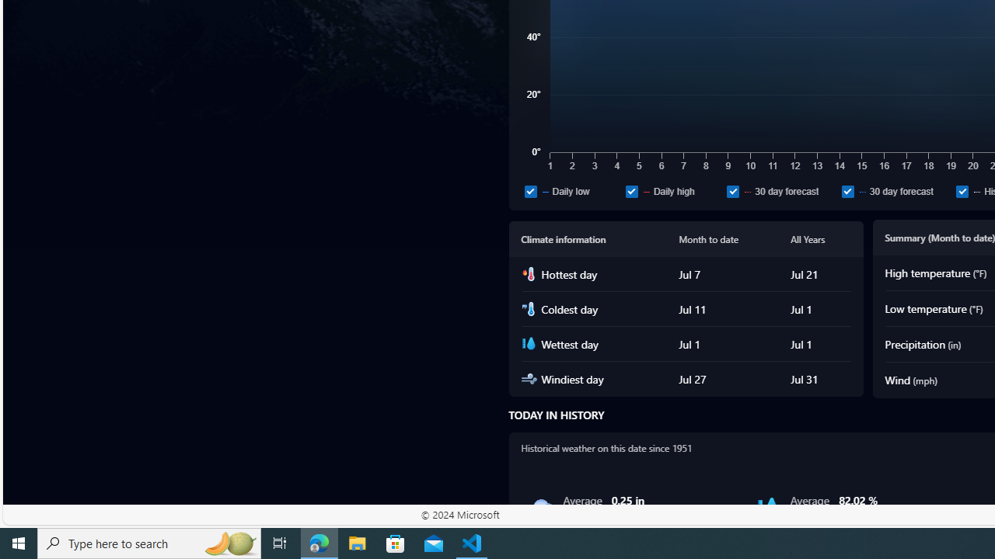 The height and width of the screenshot is (559, 995). What do you see at coordinates (631, 190) in the screenshot?
I see `'Daily high'` at bounding box center [631, 190].